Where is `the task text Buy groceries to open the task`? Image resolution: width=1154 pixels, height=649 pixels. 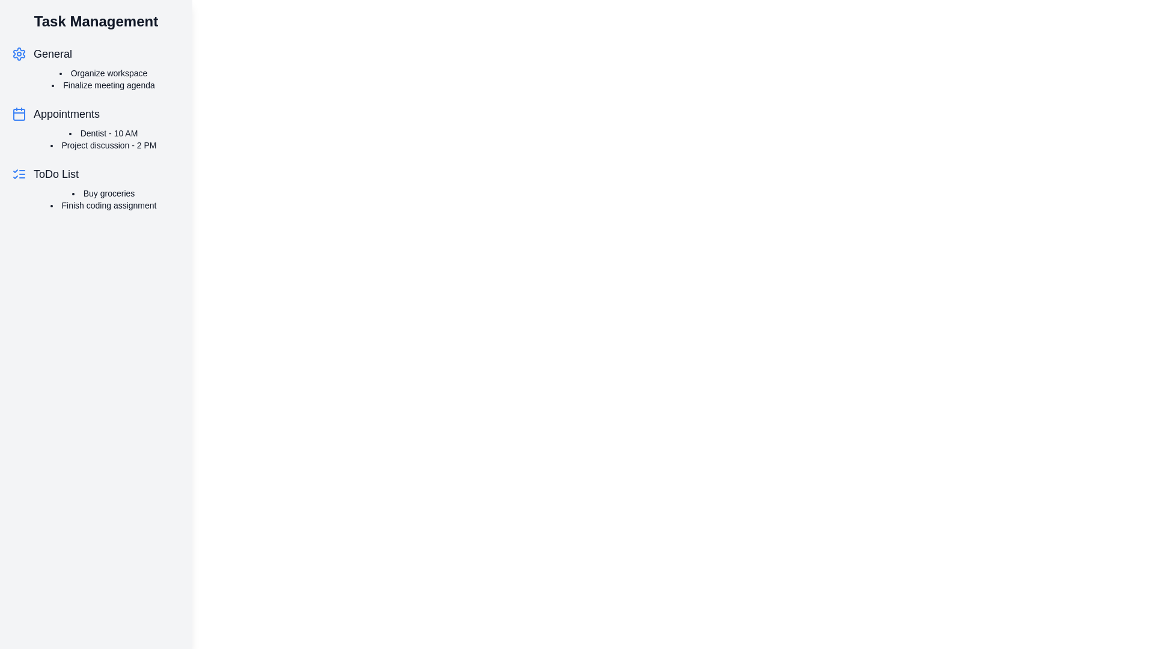 the task text Buy groceries to open the task is located at coordinates (103, 192).